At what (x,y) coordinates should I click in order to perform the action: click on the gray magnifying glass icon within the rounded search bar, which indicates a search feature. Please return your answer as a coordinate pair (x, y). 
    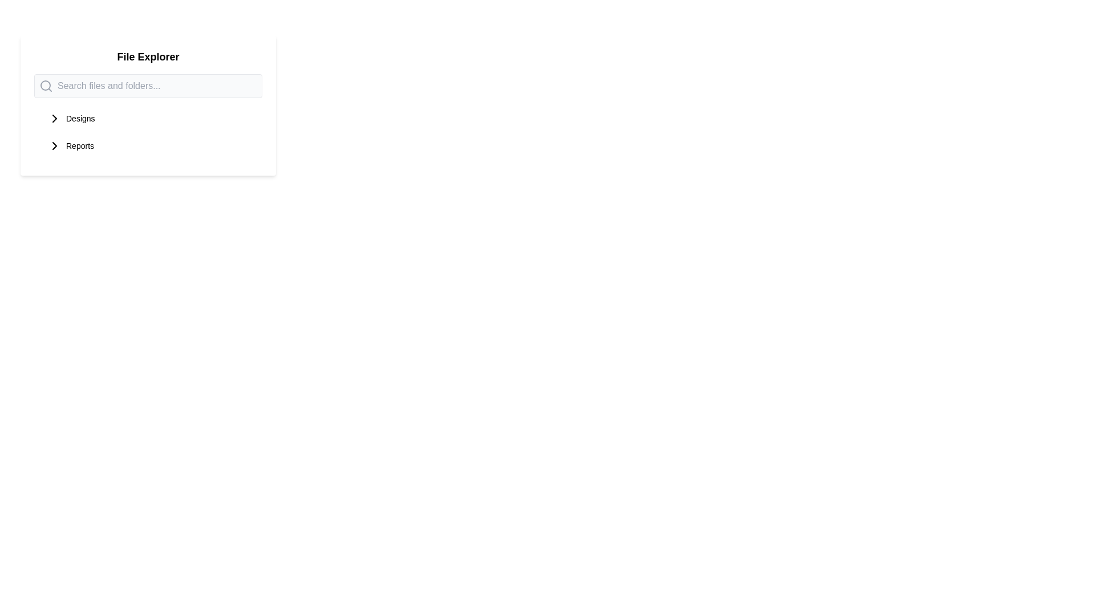
    Looking at the image, I should click on (46, 85).